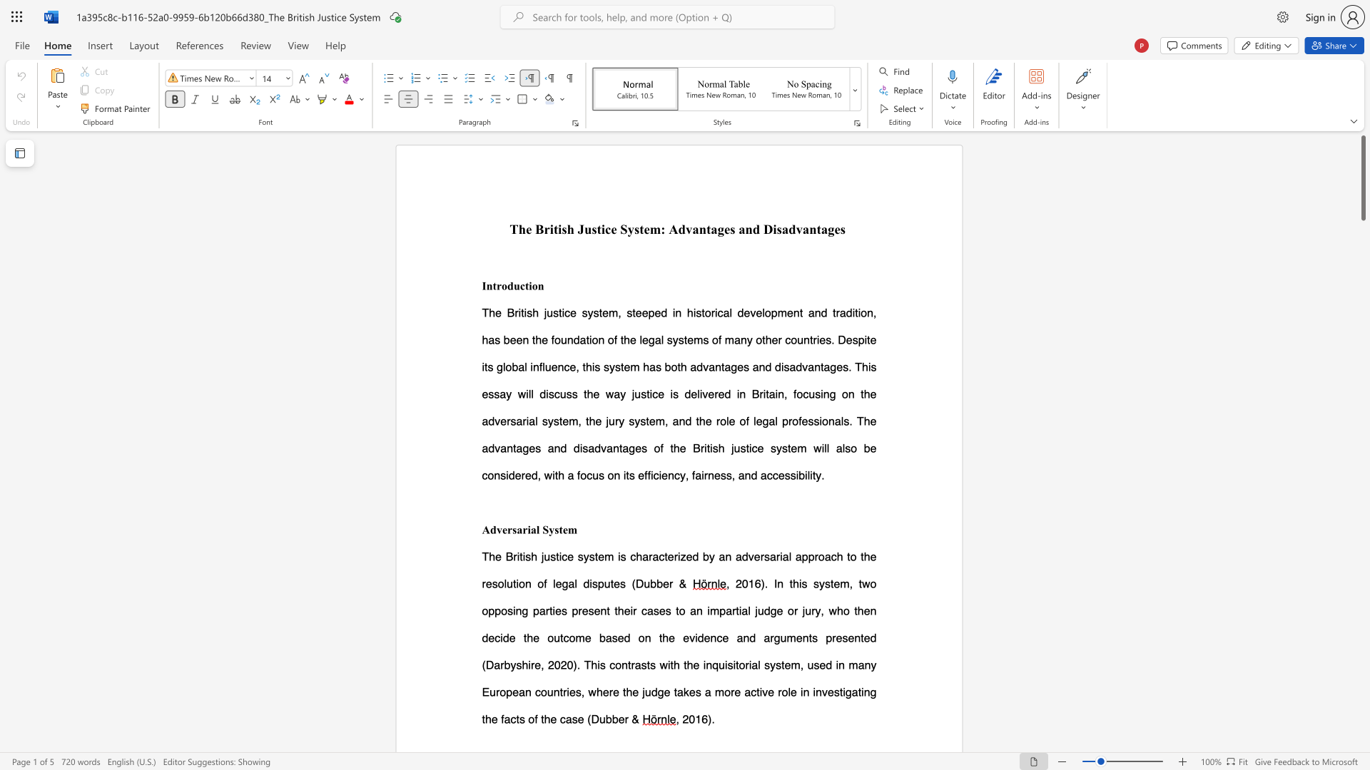 Image resolution: width=1370 pixels, height=770 pixels. Describe the element at coordinates (704, 691) in the screenshot. I see `the subset text "a more active rol" within the text "). This contrasts with the inquisitorial system, used in many European countries, where the judge takes a more active role in investigating the facts of the case"` at that location.